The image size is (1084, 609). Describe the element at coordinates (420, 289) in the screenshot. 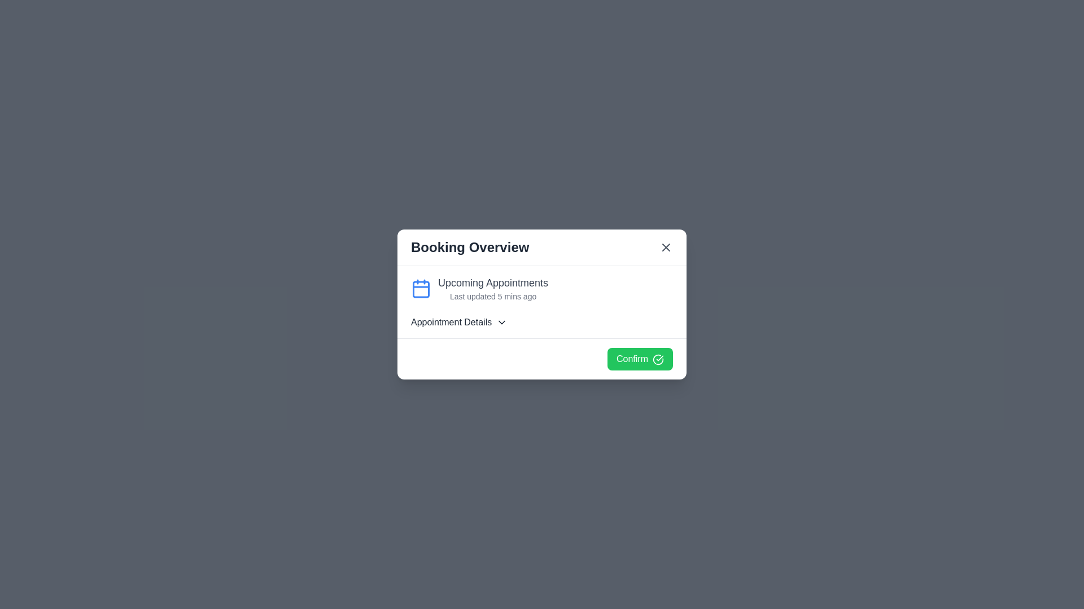

I see `the graphical icon part of the calendar icon, which visually represents the body of the calendar icon next to the 'Upcoming Appointments' text in the modal` at that location.